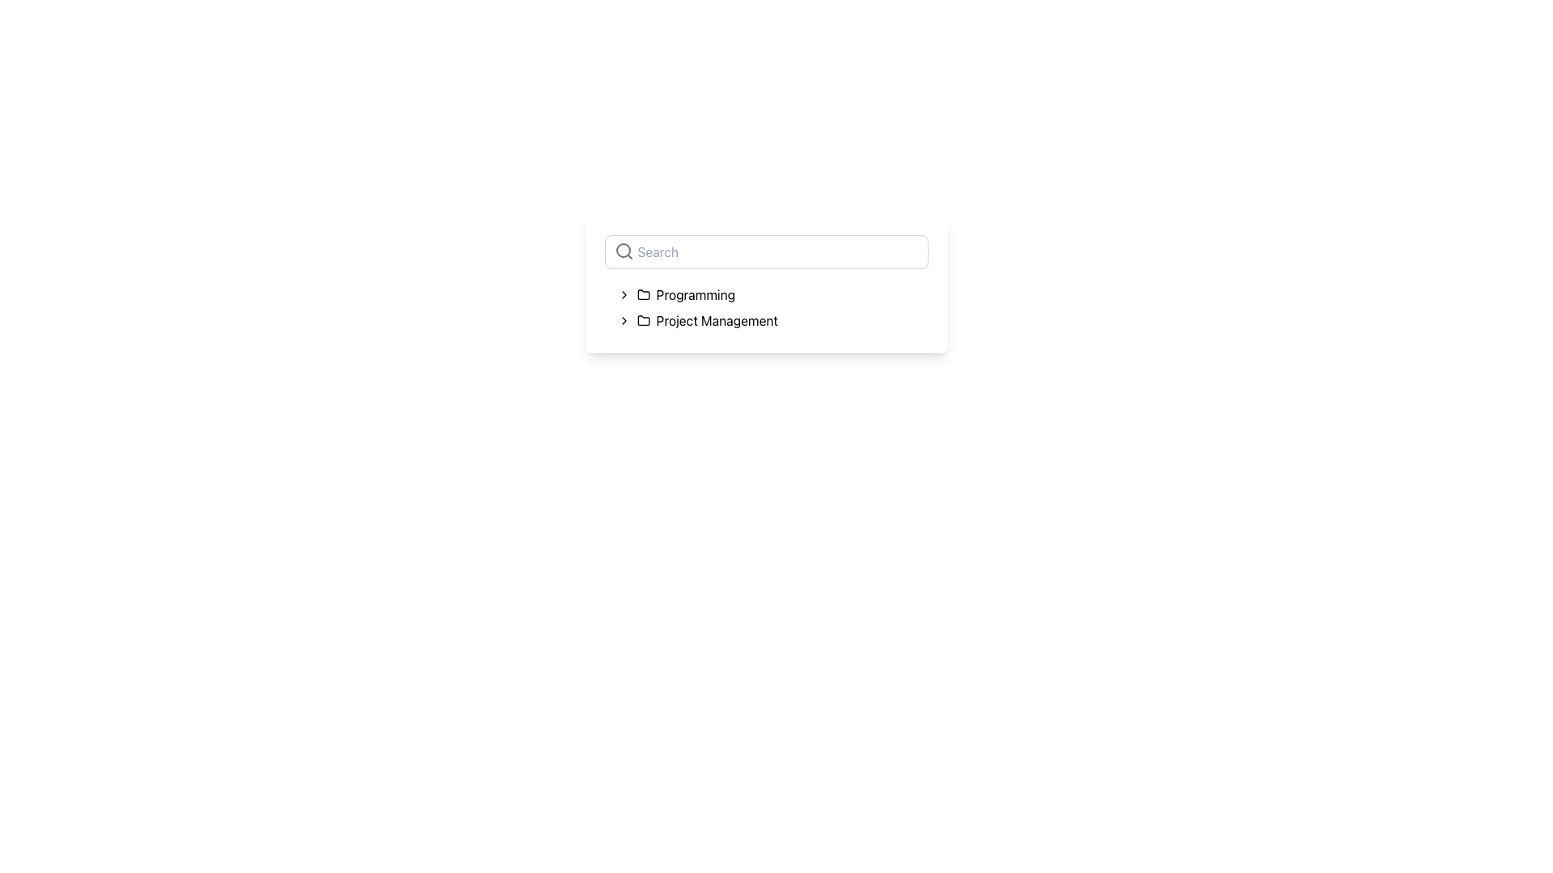 The width and height of the screenshot is (1553, 873). I want to click on the 'Project Management' hierarchical list item, so click(772, 321).